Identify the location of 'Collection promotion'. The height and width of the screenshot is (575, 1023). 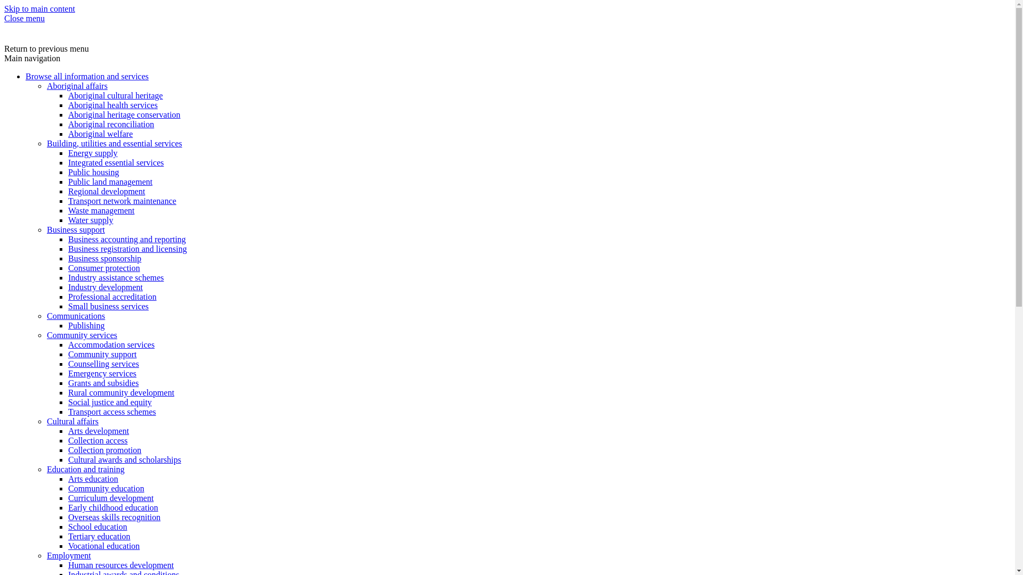
(104, 450).